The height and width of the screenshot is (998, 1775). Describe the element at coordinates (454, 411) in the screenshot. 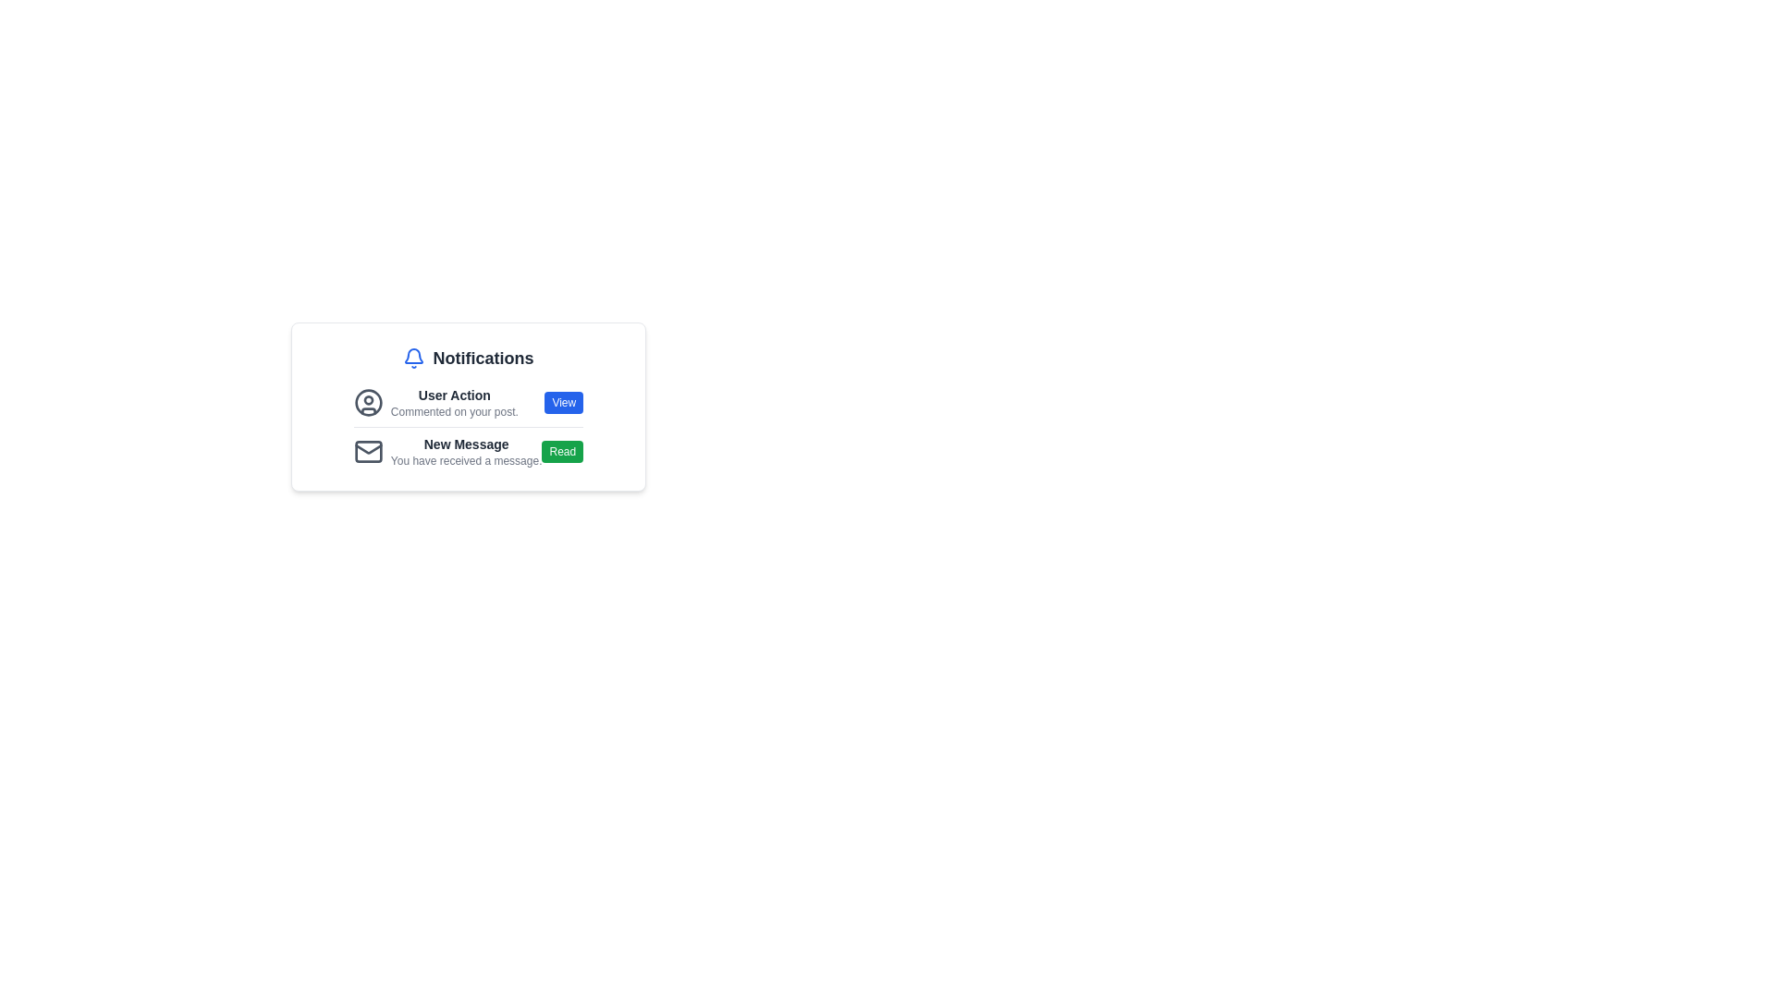

I see `text label displaying 'Commented on your post.' which is styled in gray and positioned below 'User Action.'` at that location.